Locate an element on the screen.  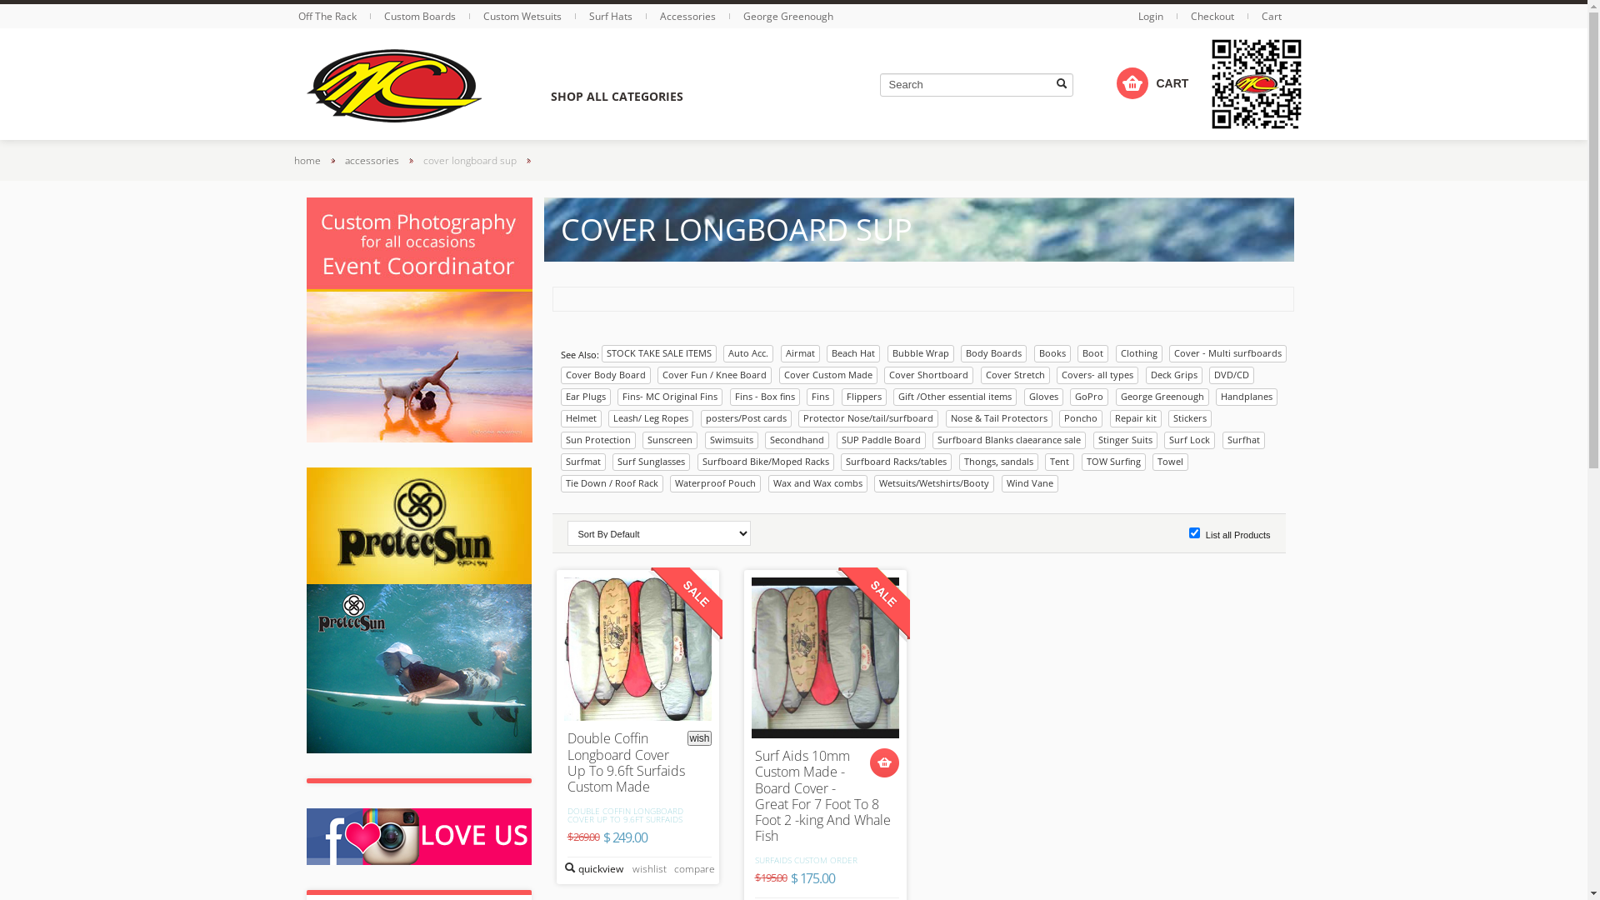
'Cover Stretch' is located at coordinates (1013, 375).